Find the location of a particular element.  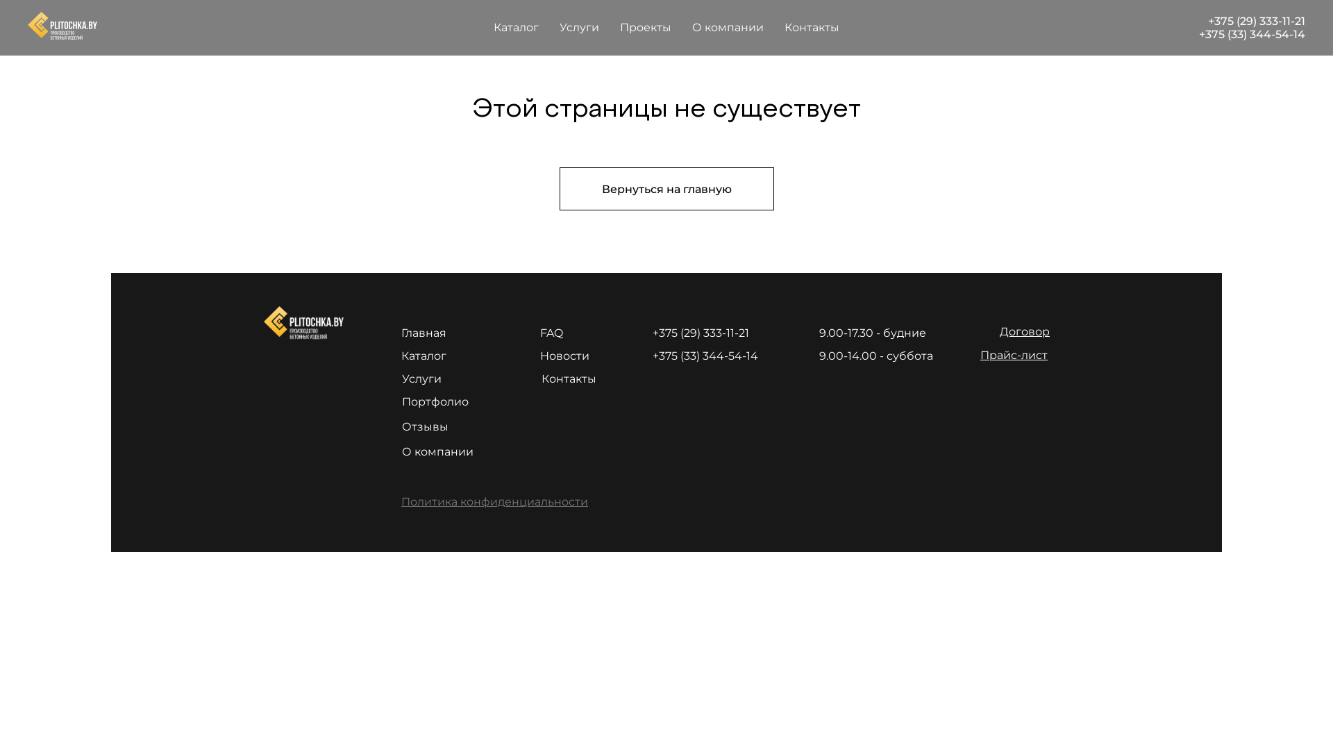

'+375 (29) 333-11-21' is located at coordinates (701, 333).